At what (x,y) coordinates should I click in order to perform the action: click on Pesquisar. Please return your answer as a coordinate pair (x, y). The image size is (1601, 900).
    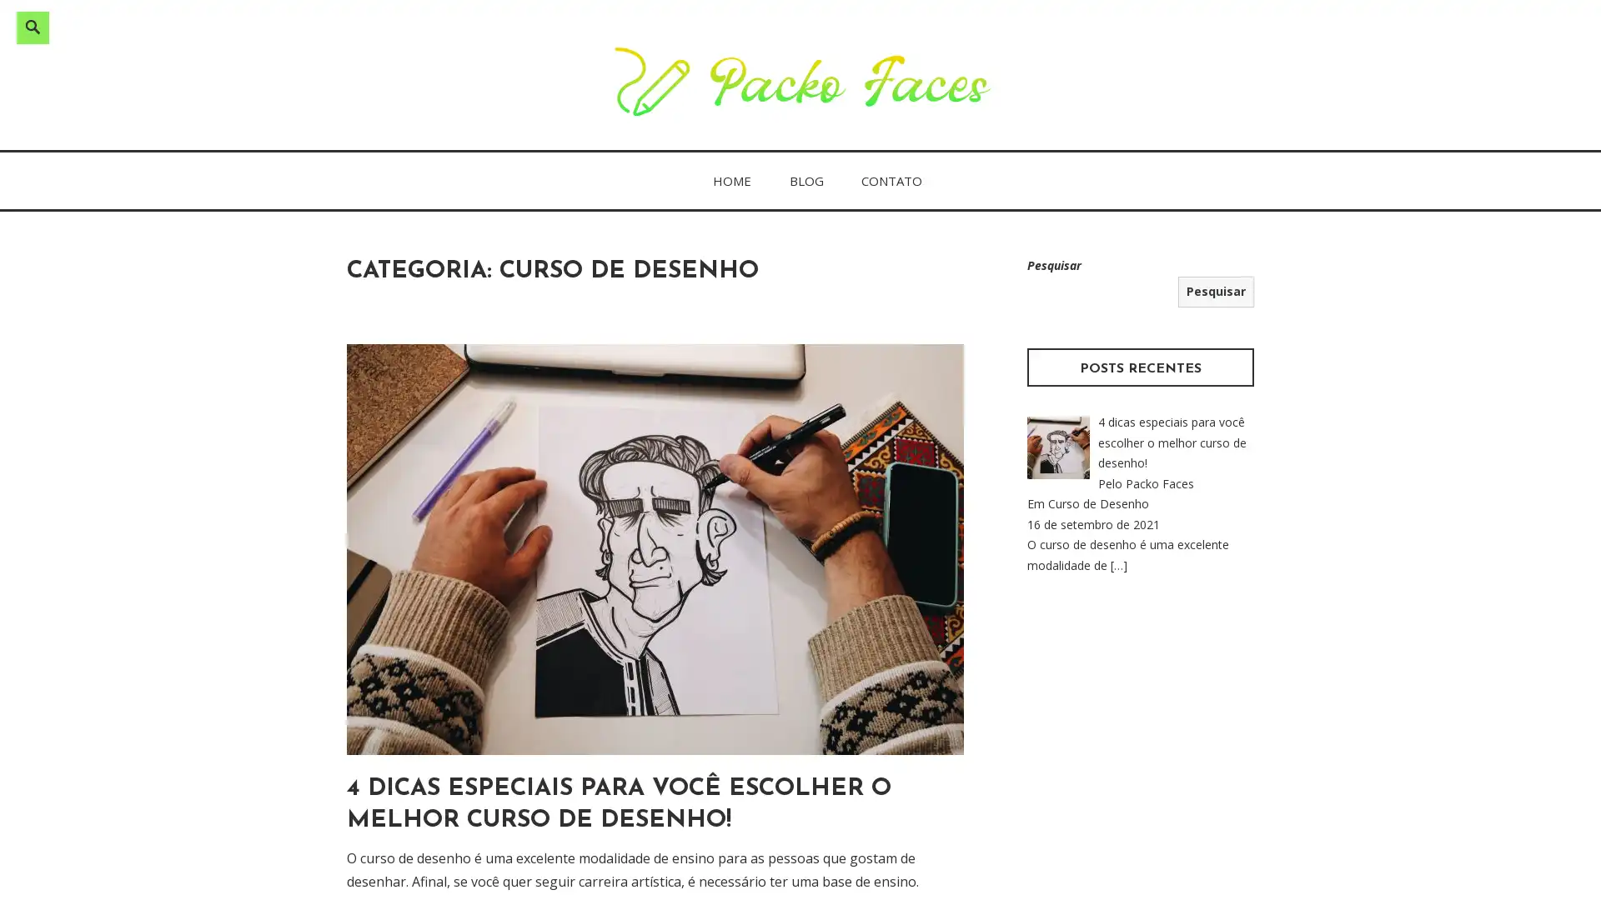
    Looking at the image, I should click on (1216, 290).